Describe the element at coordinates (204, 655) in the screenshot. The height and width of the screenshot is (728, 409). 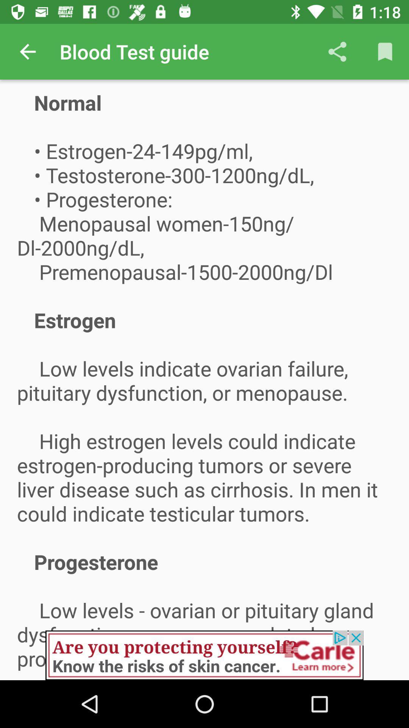
I see `click advertisement` at that location.